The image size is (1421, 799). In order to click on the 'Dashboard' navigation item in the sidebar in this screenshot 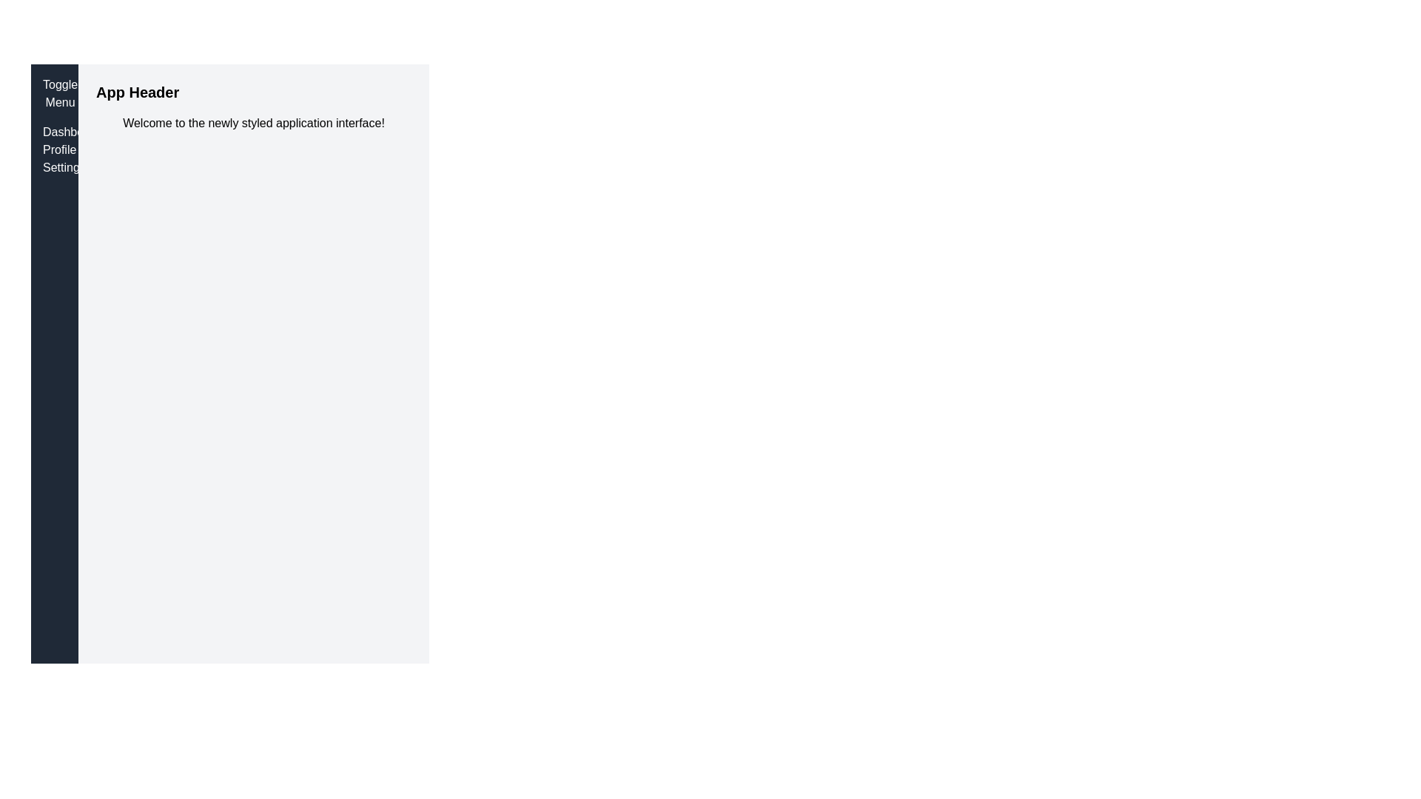, I will do `click(54, 131)`.